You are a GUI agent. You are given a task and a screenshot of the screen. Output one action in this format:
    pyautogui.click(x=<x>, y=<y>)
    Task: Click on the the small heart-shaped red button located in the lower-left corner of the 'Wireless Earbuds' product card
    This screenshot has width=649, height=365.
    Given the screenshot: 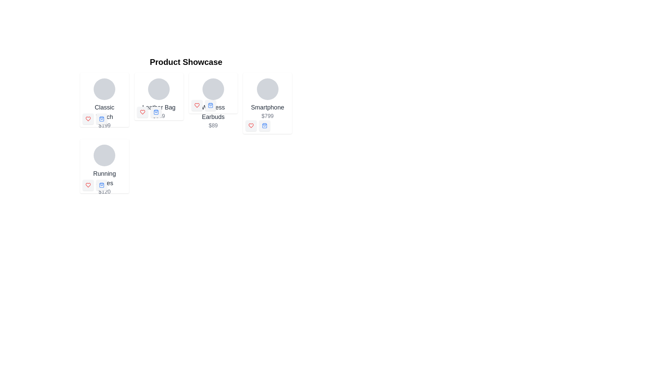 What is the action you would take?
    pyautogui.click(x=196, y=105)
    